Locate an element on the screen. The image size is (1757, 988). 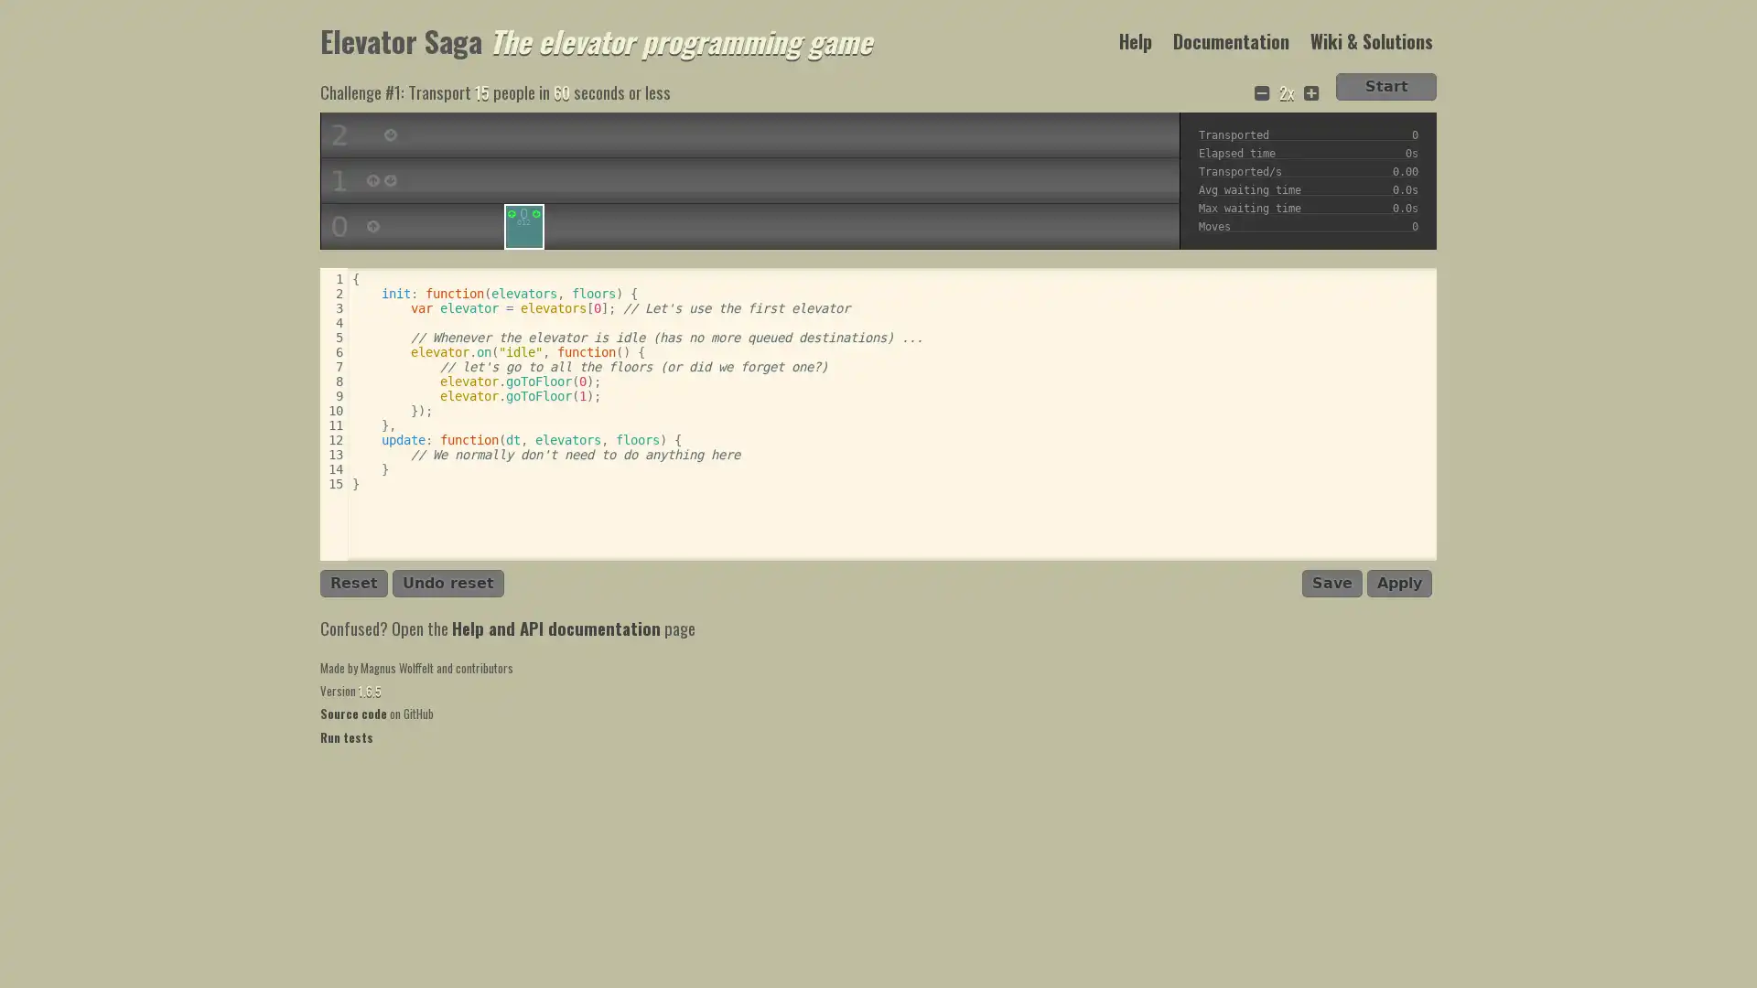
Reset is located at coordinates (354, 583).